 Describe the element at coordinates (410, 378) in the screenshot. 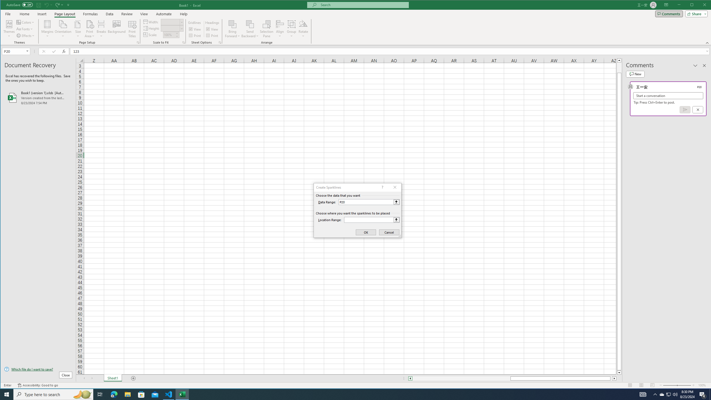

I see `'Column left'` at that location.